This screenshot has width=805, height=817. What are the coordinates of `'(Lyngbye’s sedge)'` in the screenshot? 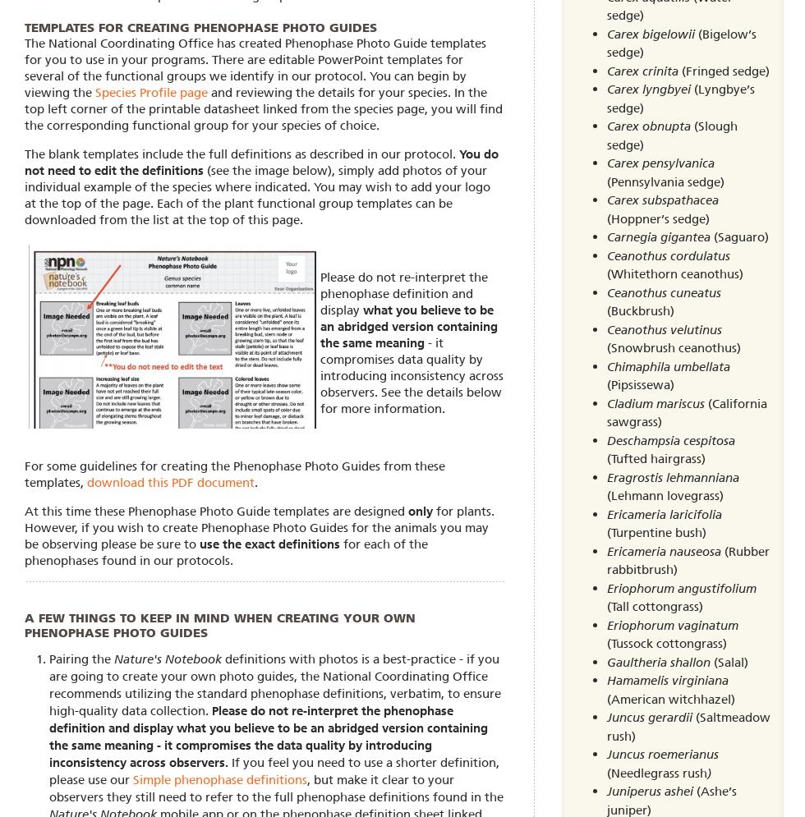 It's located at (680, 97).